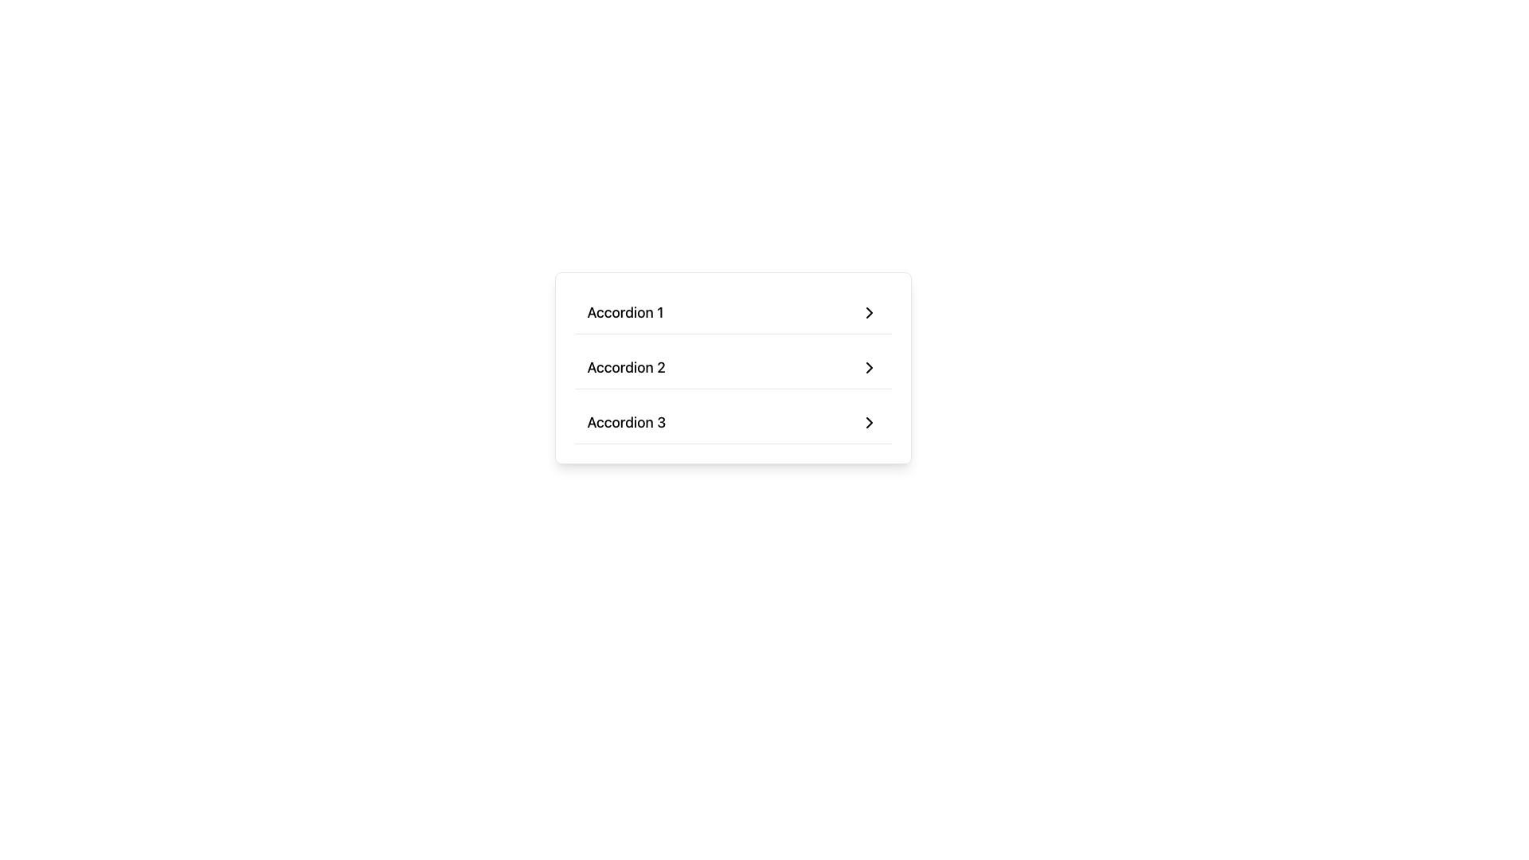 The image size is (1529, 860). What do you see at coordinates (868, 422) in the screenshot?
I see `the icon indicating the expansion of the 'Accordion 3' section for additional visual feedback` at bounding box center [868, 422].